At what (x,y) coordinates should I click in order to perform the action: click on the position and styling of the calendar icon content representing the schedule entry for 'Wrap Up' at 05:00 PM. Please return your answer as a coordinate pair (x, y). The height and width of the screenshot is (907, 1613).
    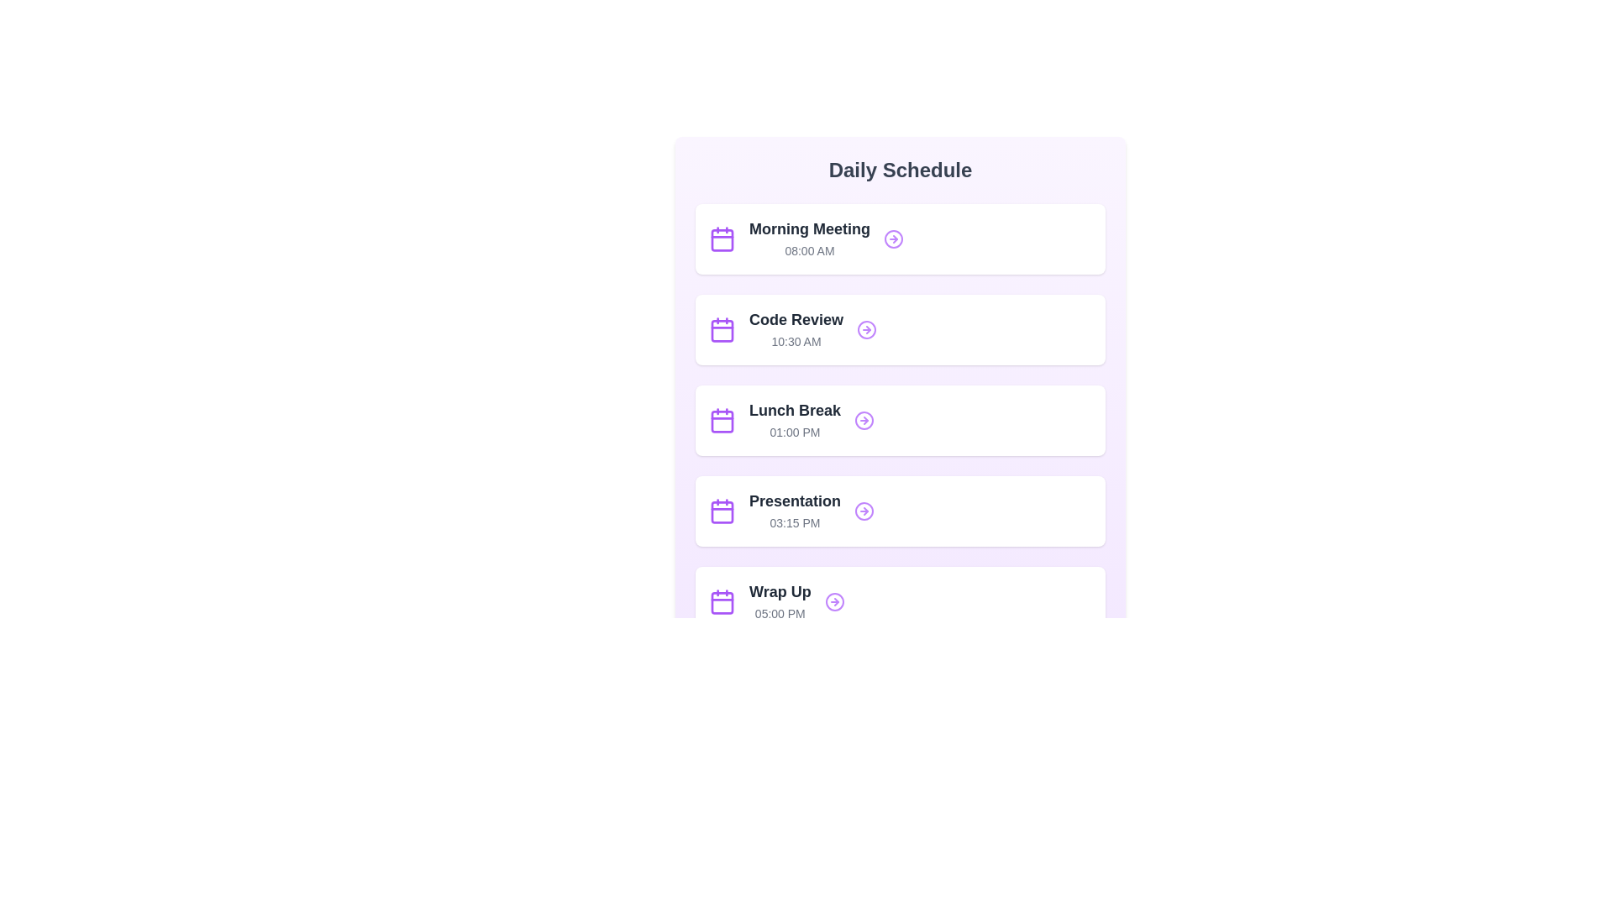
    Looking at the image, I should click on (722, 601).